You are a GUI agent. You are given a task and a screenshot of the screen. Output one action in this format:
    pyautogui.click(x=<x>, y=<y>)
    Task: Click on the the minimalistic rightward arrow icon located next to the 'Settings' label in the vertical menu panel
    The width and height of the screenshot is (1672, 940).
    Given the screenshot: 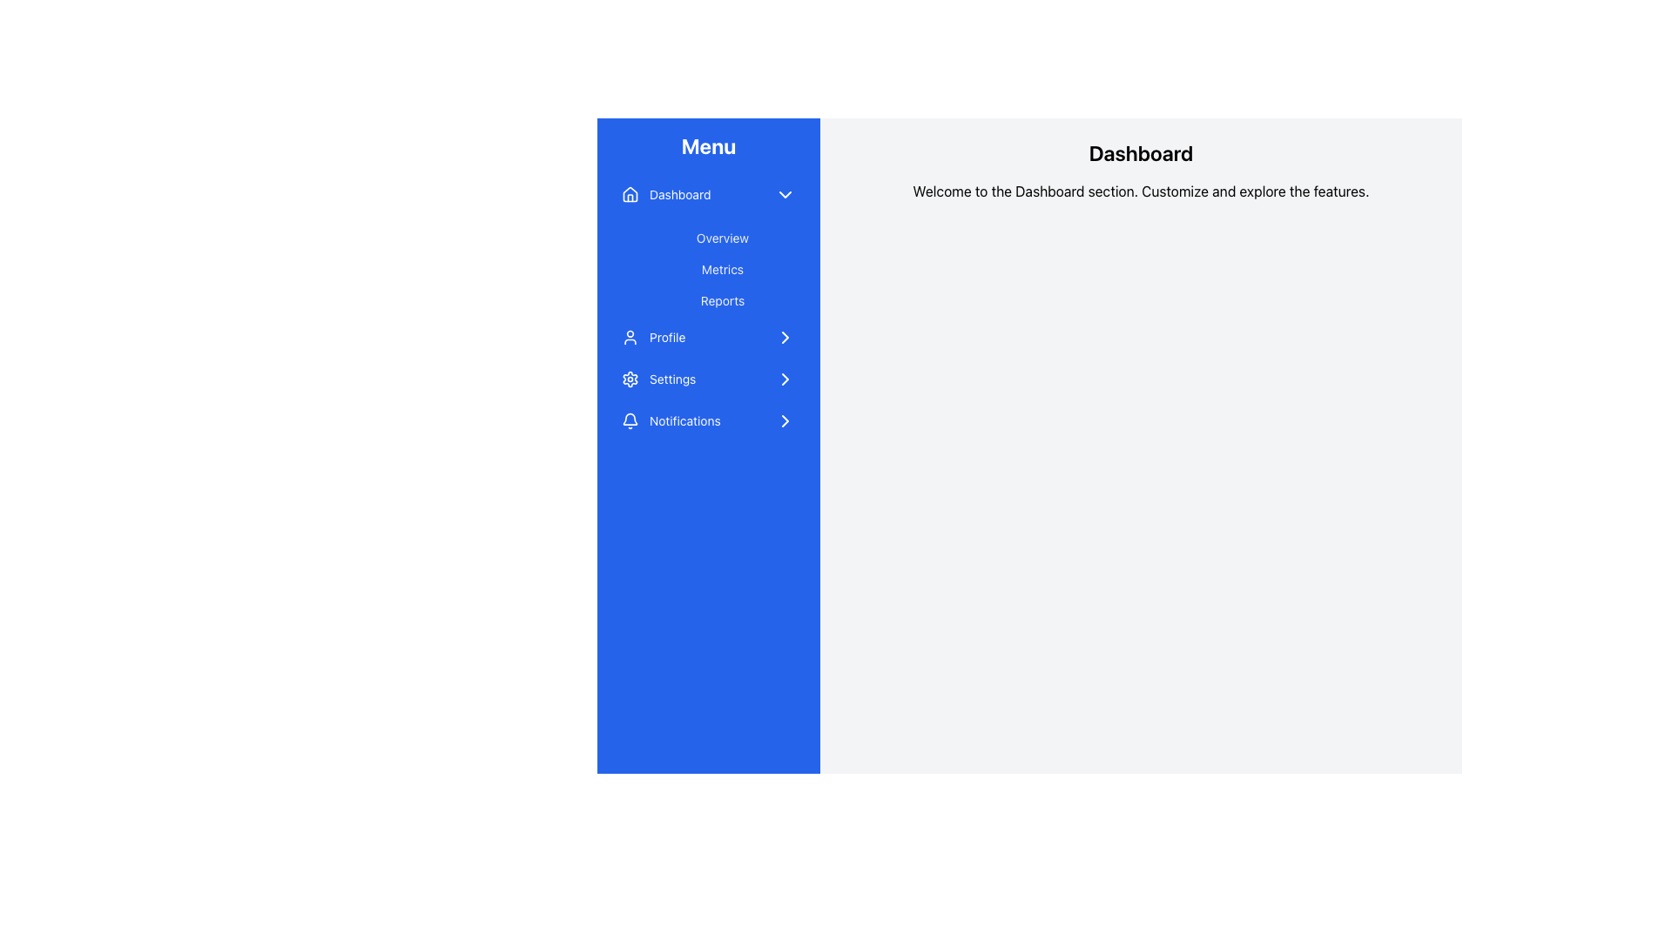 What is the action you would take?
    pyautogui.click(x=785, y=378)
    